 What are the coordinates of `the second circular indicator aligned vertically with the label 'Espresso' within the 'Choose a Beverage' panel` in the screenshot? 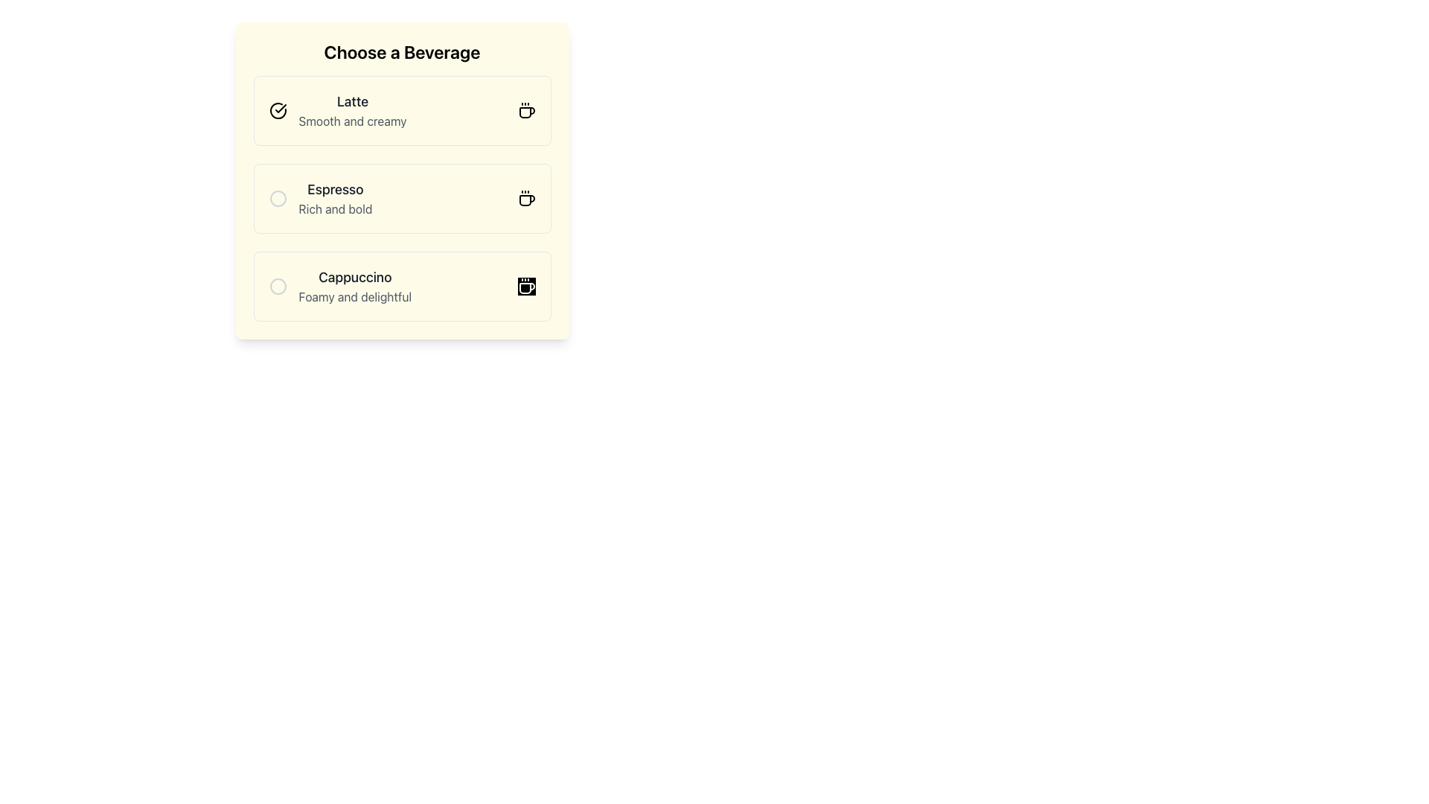 It's located at (278, 197).